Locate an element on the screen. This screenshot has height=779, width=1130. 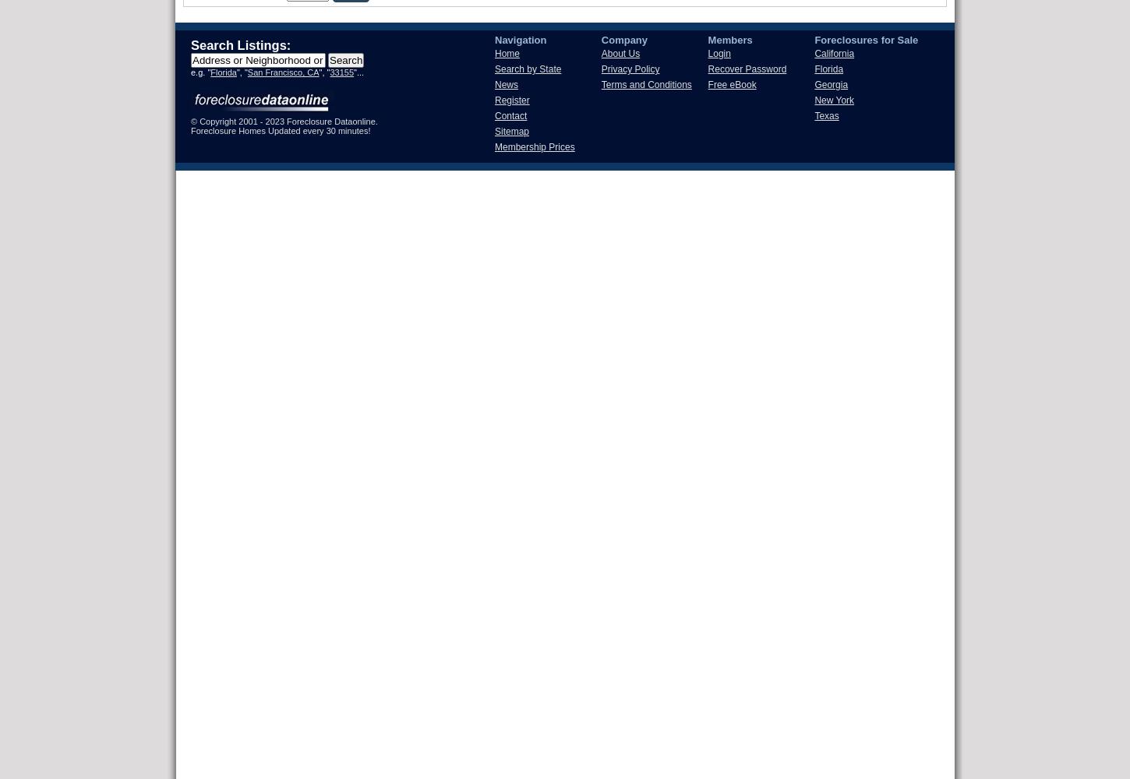
'Texas' is located at coordinates (826, 116).